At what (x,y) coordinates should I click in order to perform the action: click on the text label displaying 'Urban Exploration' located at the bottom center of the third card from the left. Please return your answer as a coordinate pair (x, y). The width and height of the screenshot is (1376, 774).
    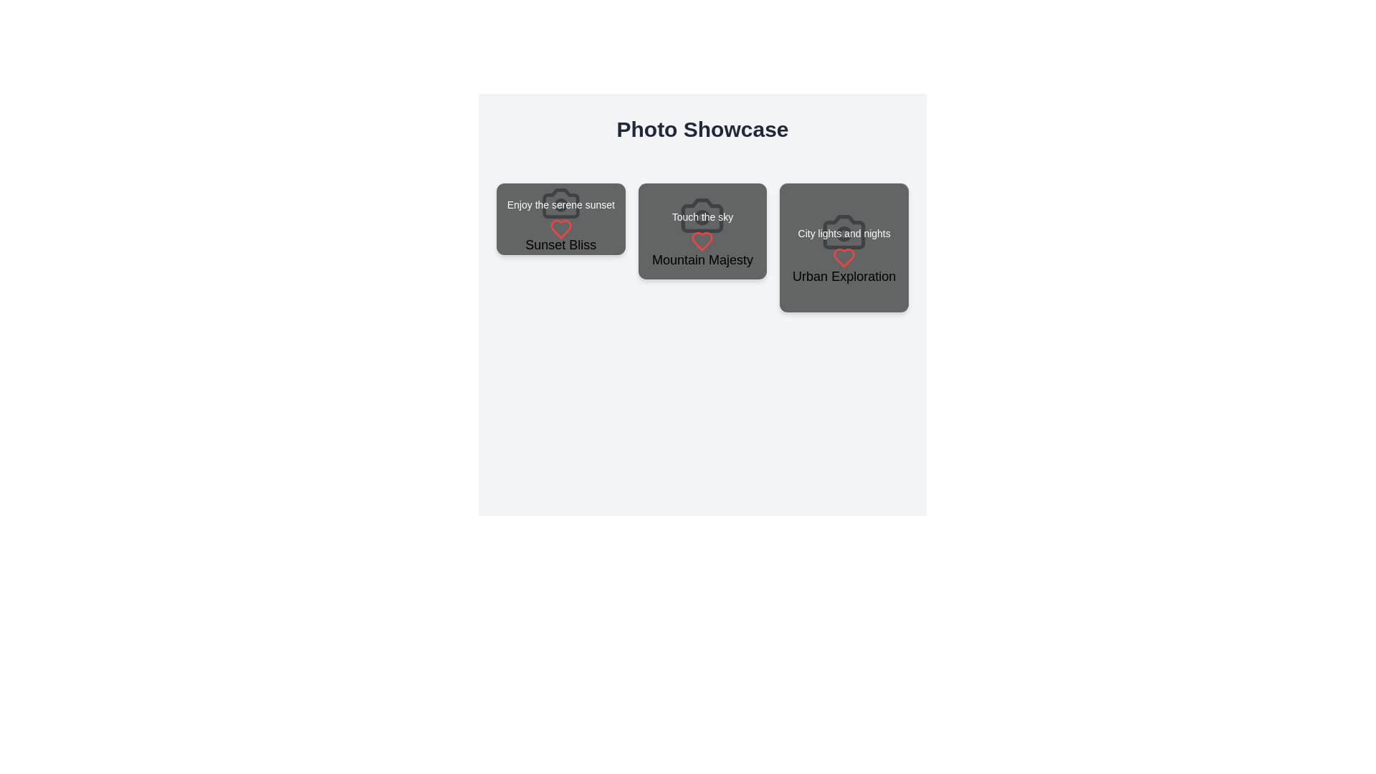
    Looking at the image, I should click on (844, 276).